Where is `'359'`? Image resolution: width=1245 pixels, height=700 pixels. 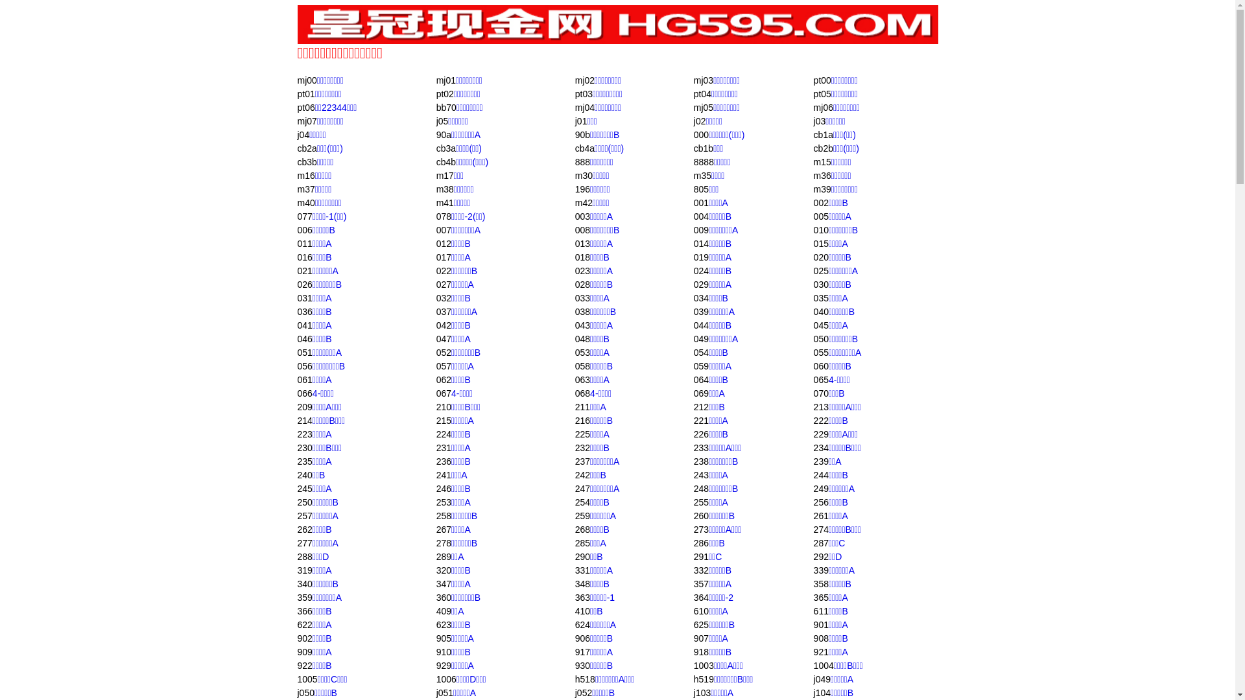 '359' is located at coordinates (296, 597).